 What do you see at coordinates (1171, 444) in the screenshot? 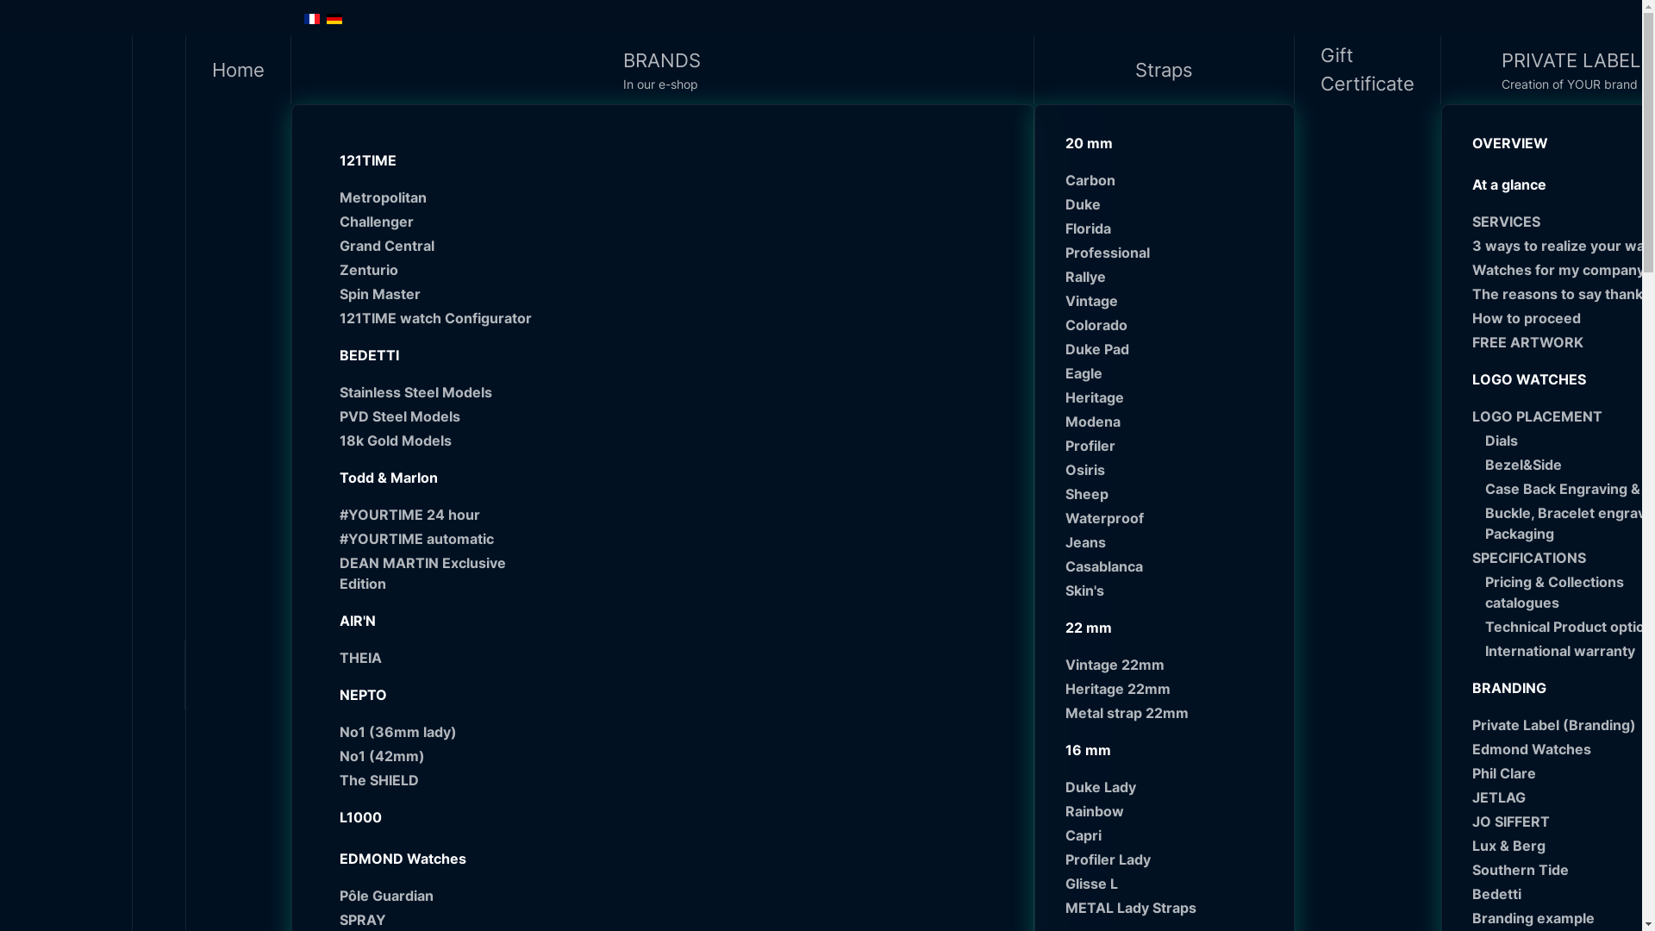
I see `'Profiler'` at bounding box center [1171, 444].